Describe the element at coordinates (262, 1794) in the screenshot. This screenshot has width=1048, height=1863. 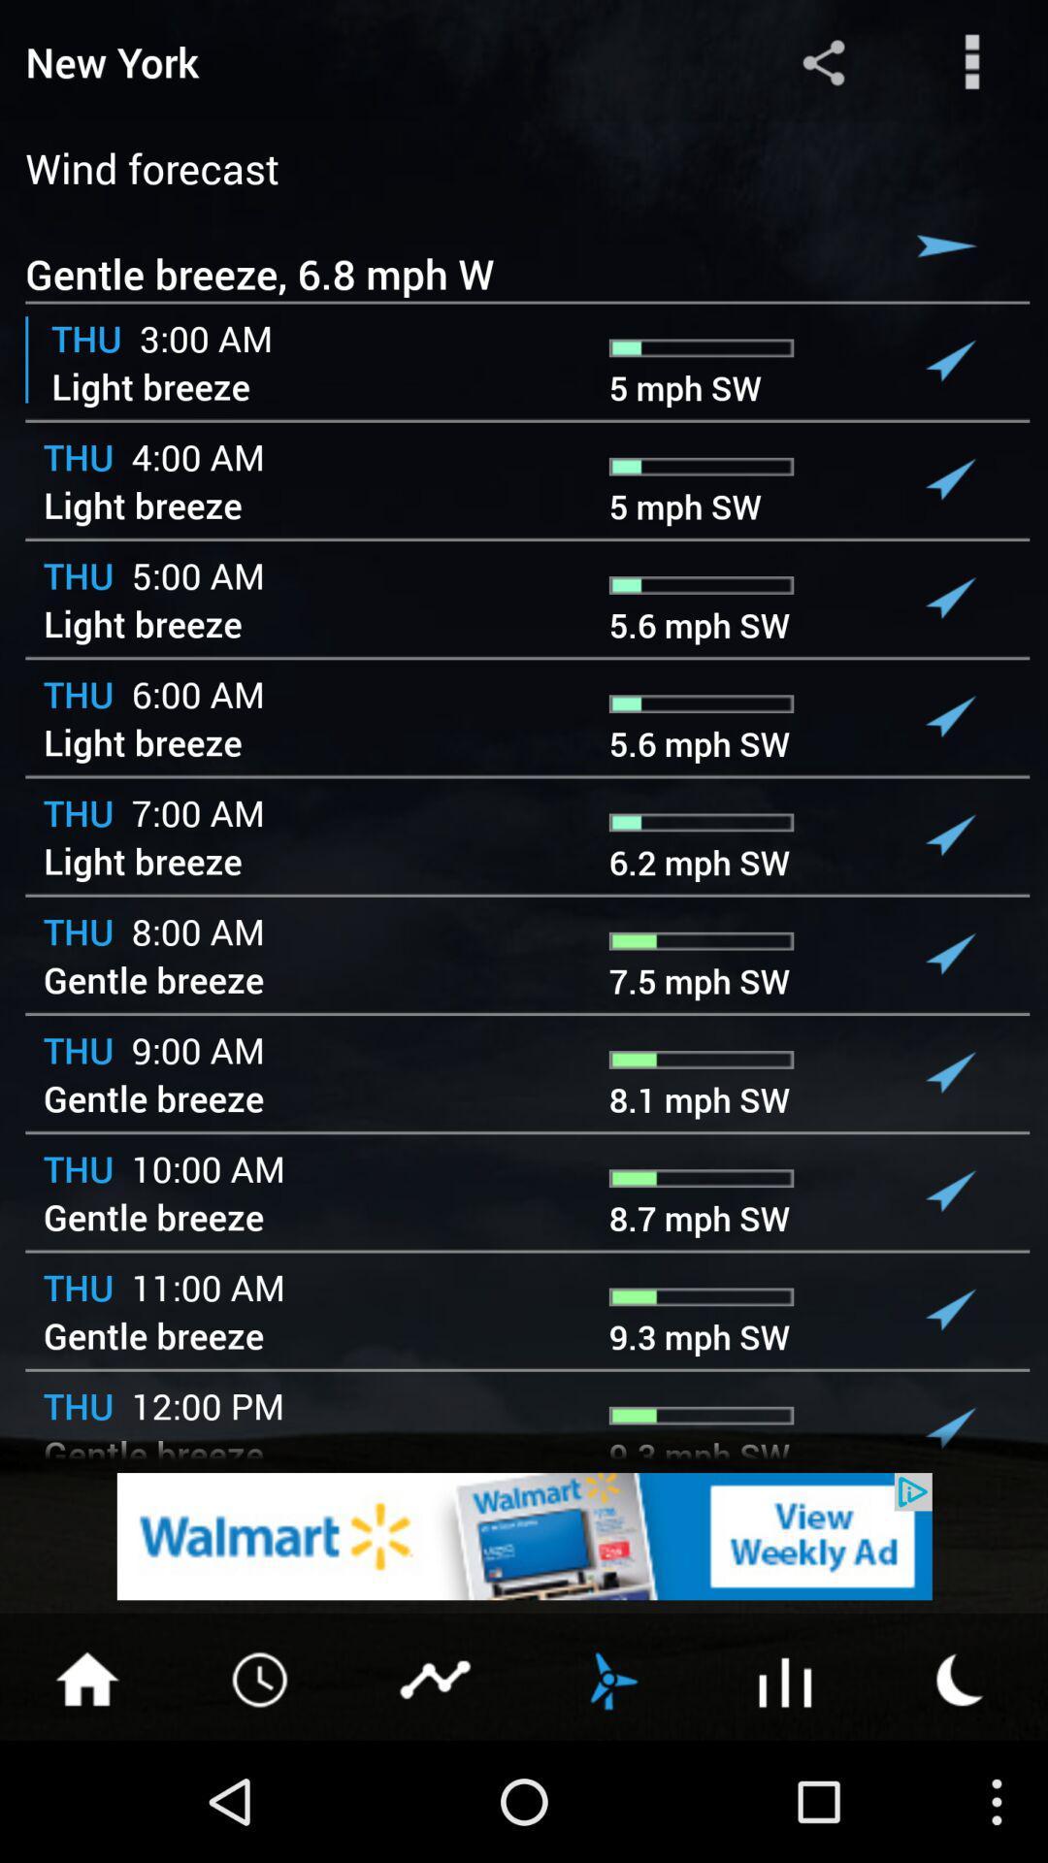
I see `the time icon` at that location.